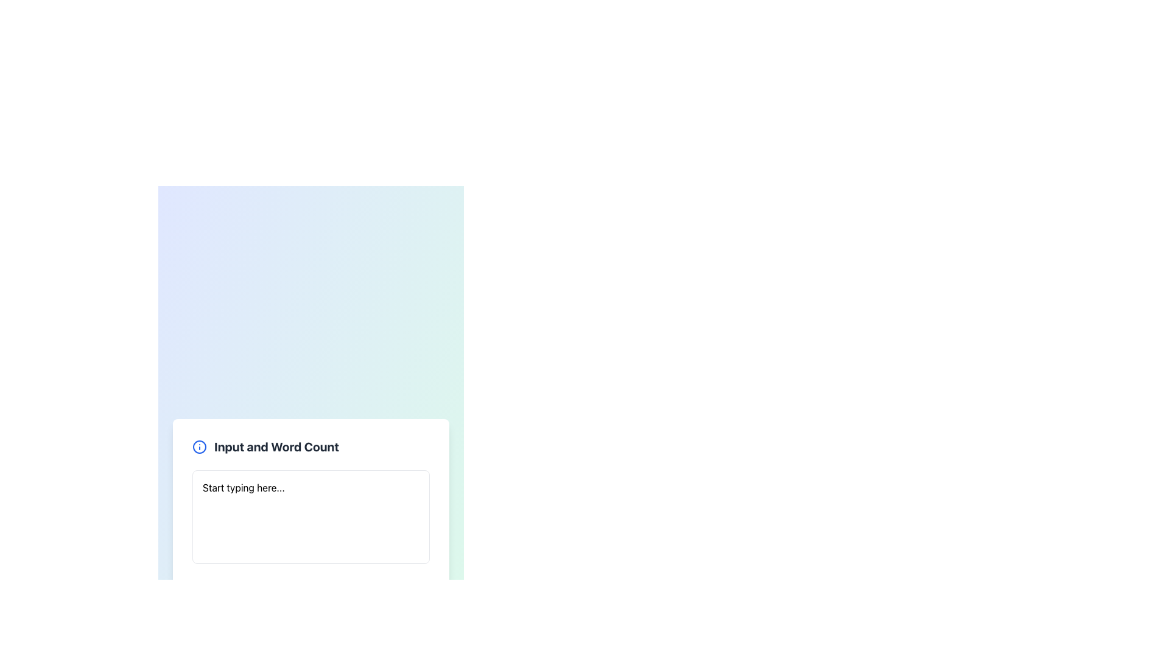 The image size is (1169, 657). I want to click on the circular information icon with a blue outline and a small blue dot inside, located to the left of the 'Input and Word Count' text, so click(199, 447).